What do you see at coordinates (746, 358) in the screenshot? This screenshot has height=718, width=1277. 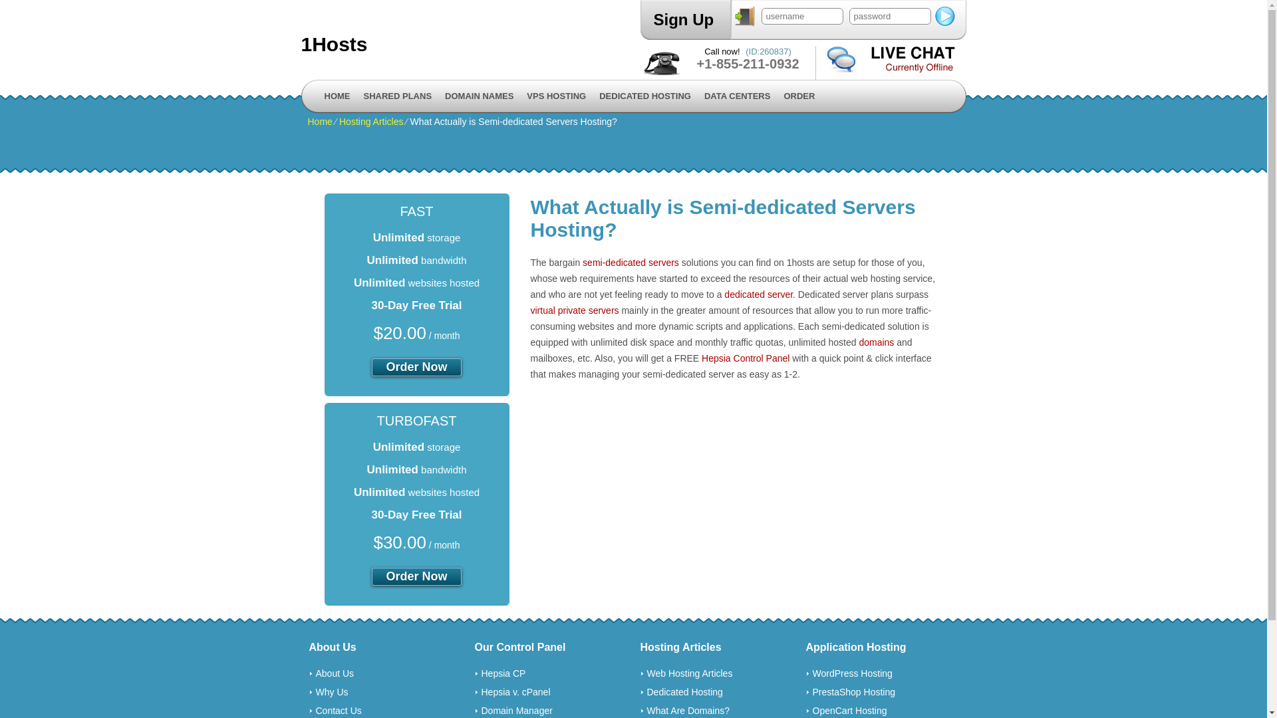 I see `'Hepsia Control Panel'` at bounding box center [746, 358].